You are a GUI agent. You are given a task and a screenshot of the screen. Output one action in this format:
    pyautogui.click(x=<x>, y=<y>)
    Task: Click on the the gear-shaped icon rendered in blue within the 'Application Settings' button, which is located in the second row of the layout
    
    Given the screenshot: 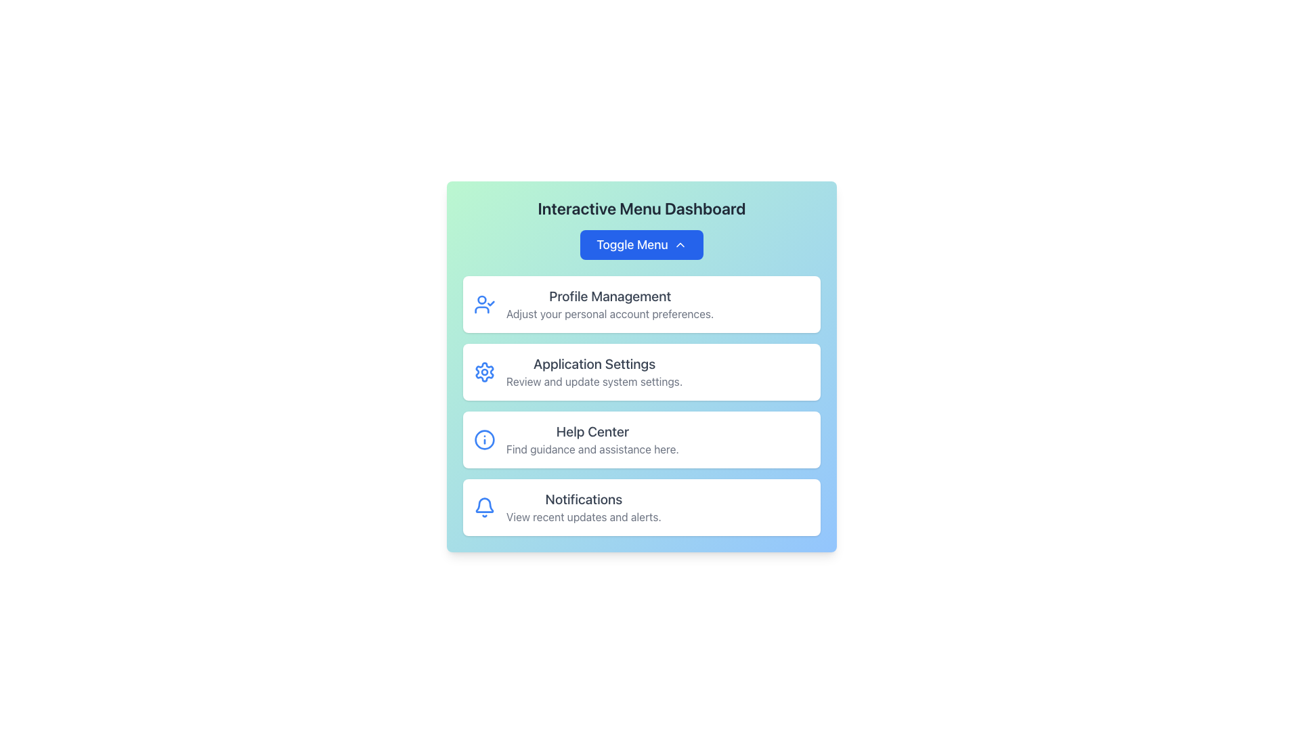 What is the action you would take?
    pyautogui.click(x=484, y=372)
    